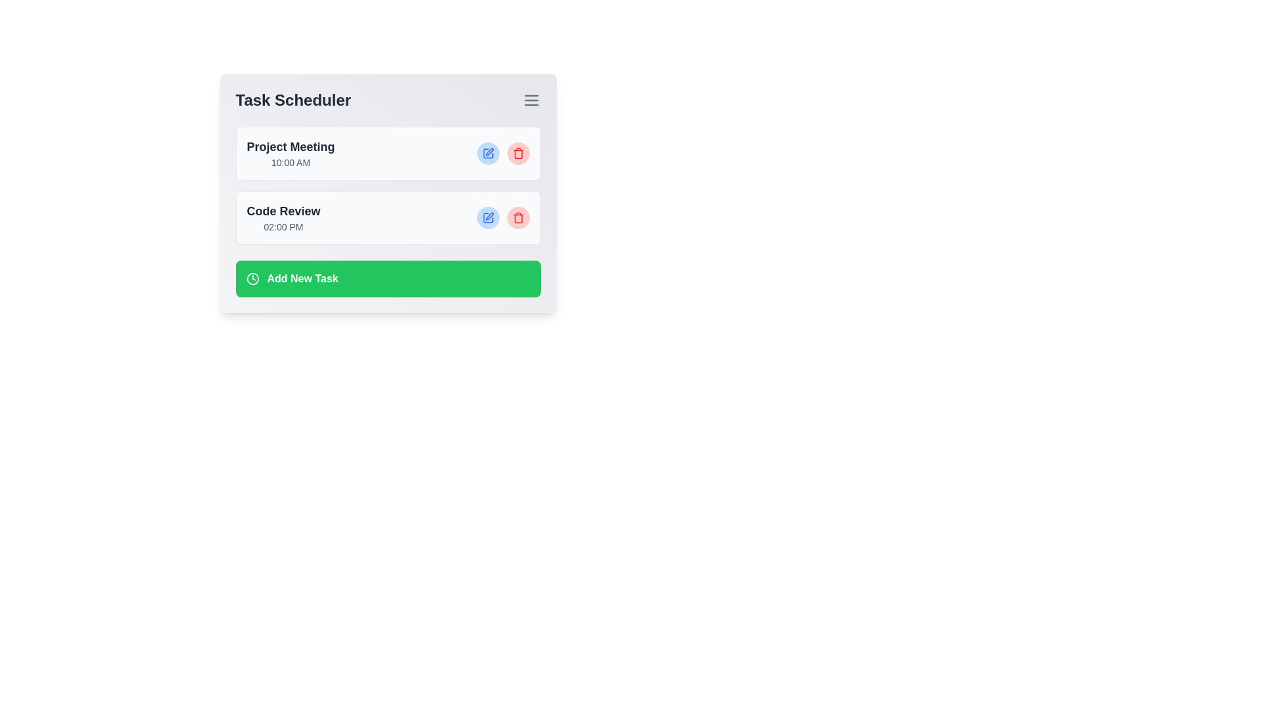 This screenshot has width=1262, height=709. Describe the element at coordinates (487, 153) in the screenshot. I see `the icon button located to the right of the 'Project Meeting' task row` at that location.